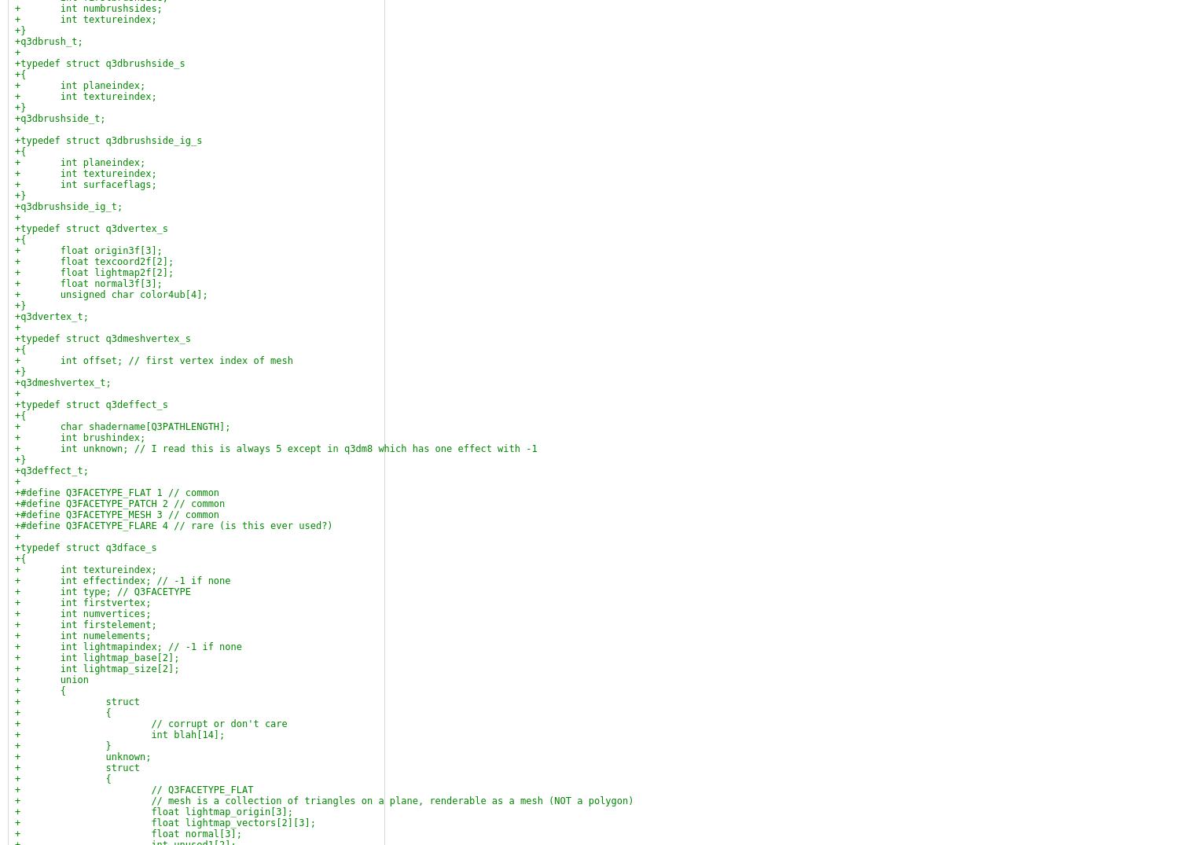  I want to click on '+q3dbrushside_ig_t;', so click(68, 207).